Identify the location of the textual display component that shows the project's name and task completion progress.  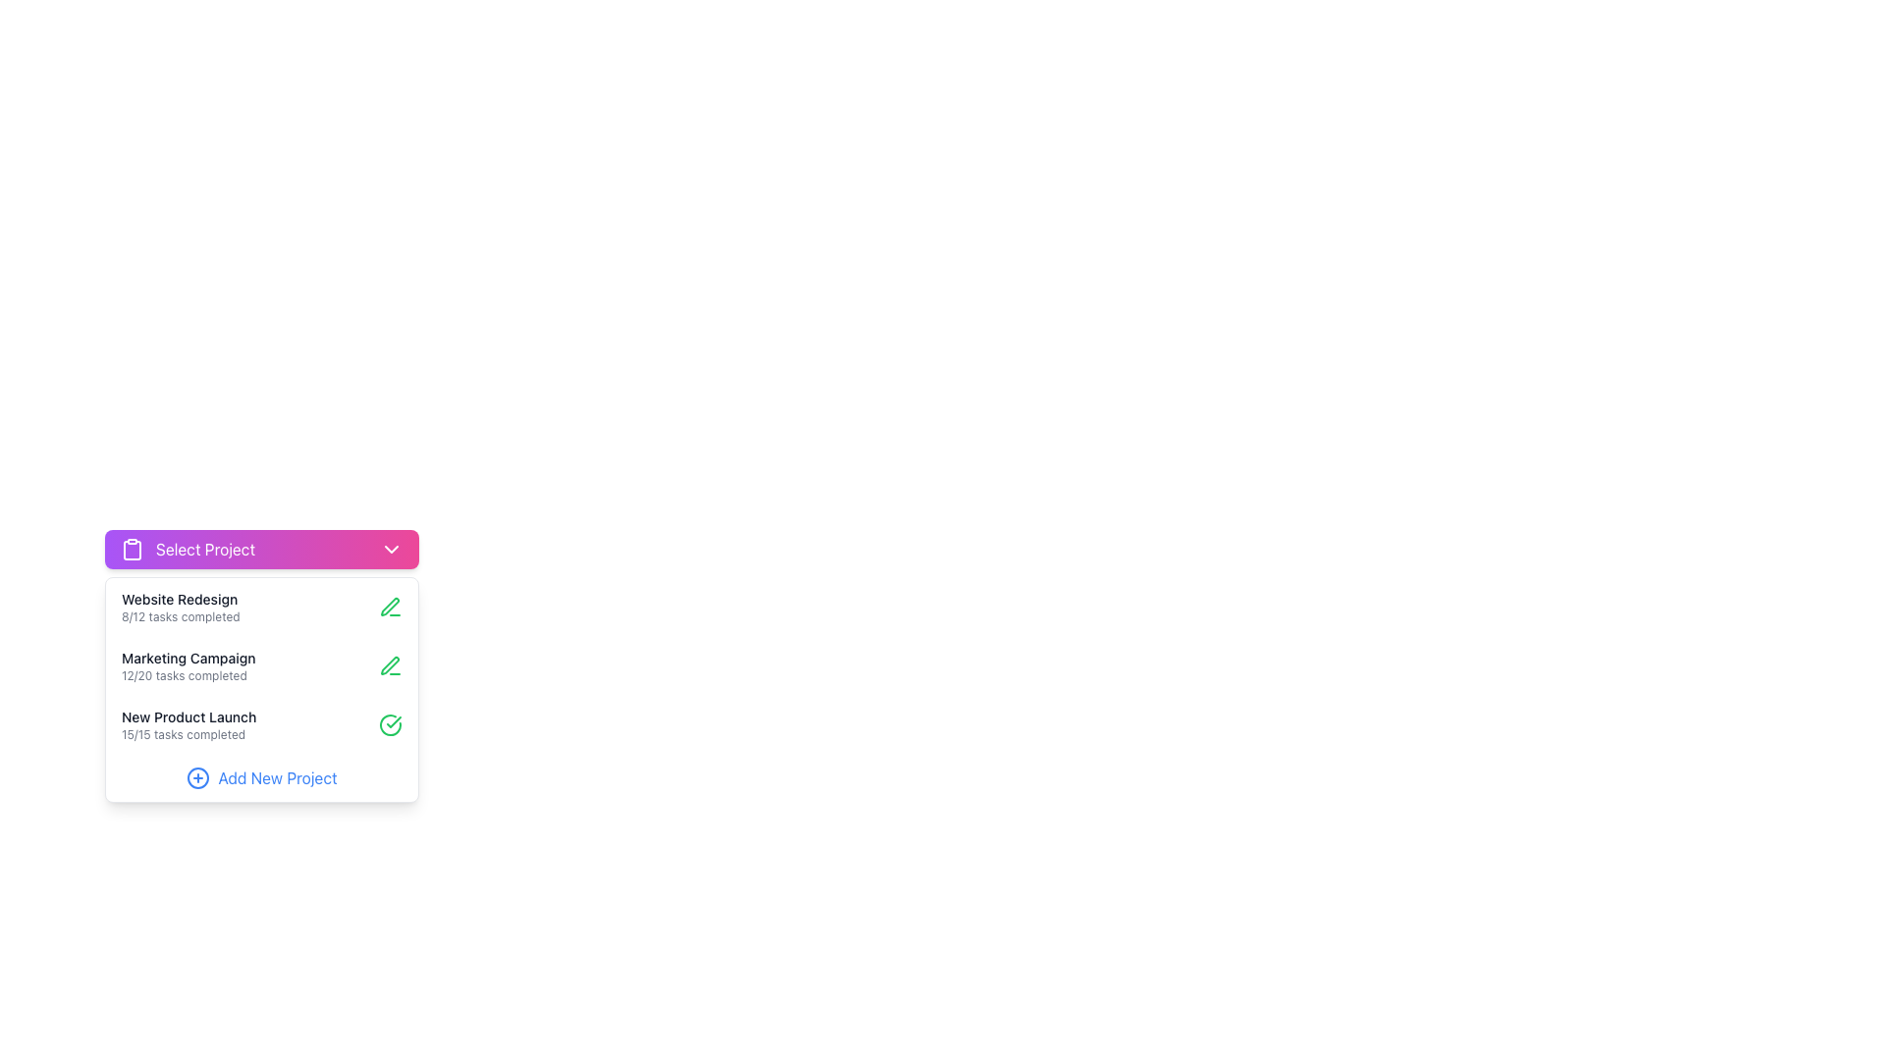
(181, 606).